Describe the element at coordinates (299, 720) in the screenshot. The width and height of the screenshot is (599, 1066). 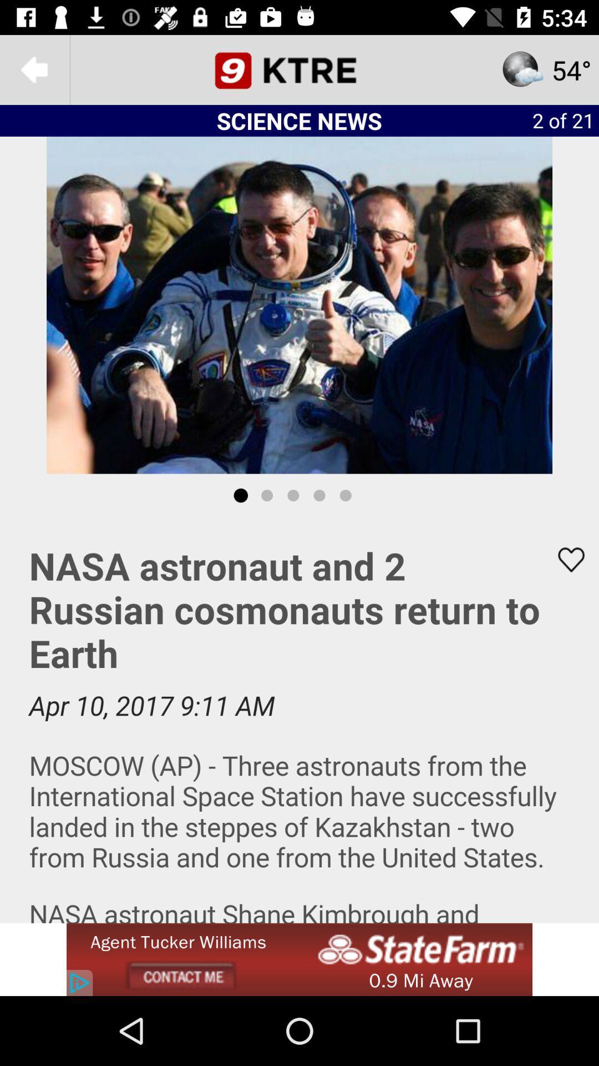
I see `news` at that location.